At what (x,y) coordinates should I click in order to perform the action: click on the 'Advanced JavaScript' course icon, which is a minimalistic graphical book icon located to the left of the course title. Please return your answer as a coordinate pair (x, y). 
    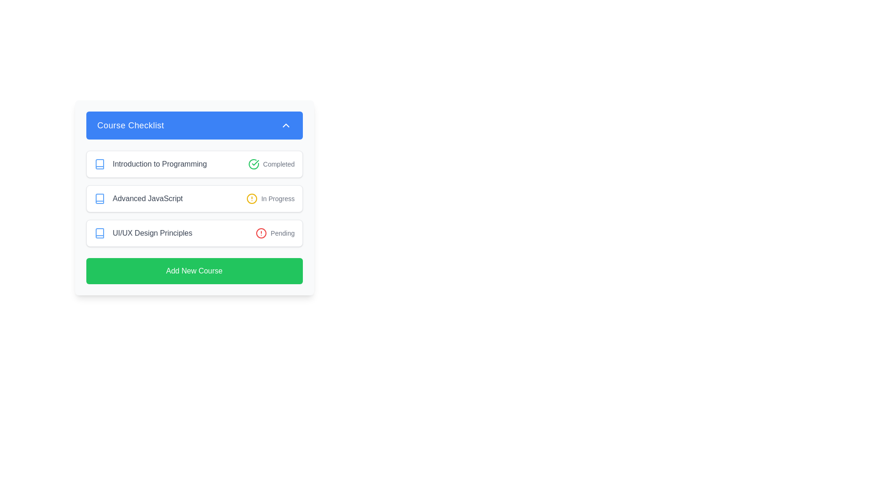
    Looking at the image, I should click on (99, 198).